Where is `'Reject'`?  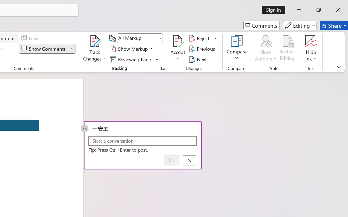
'Reject' is located at coordinates (203, 38).